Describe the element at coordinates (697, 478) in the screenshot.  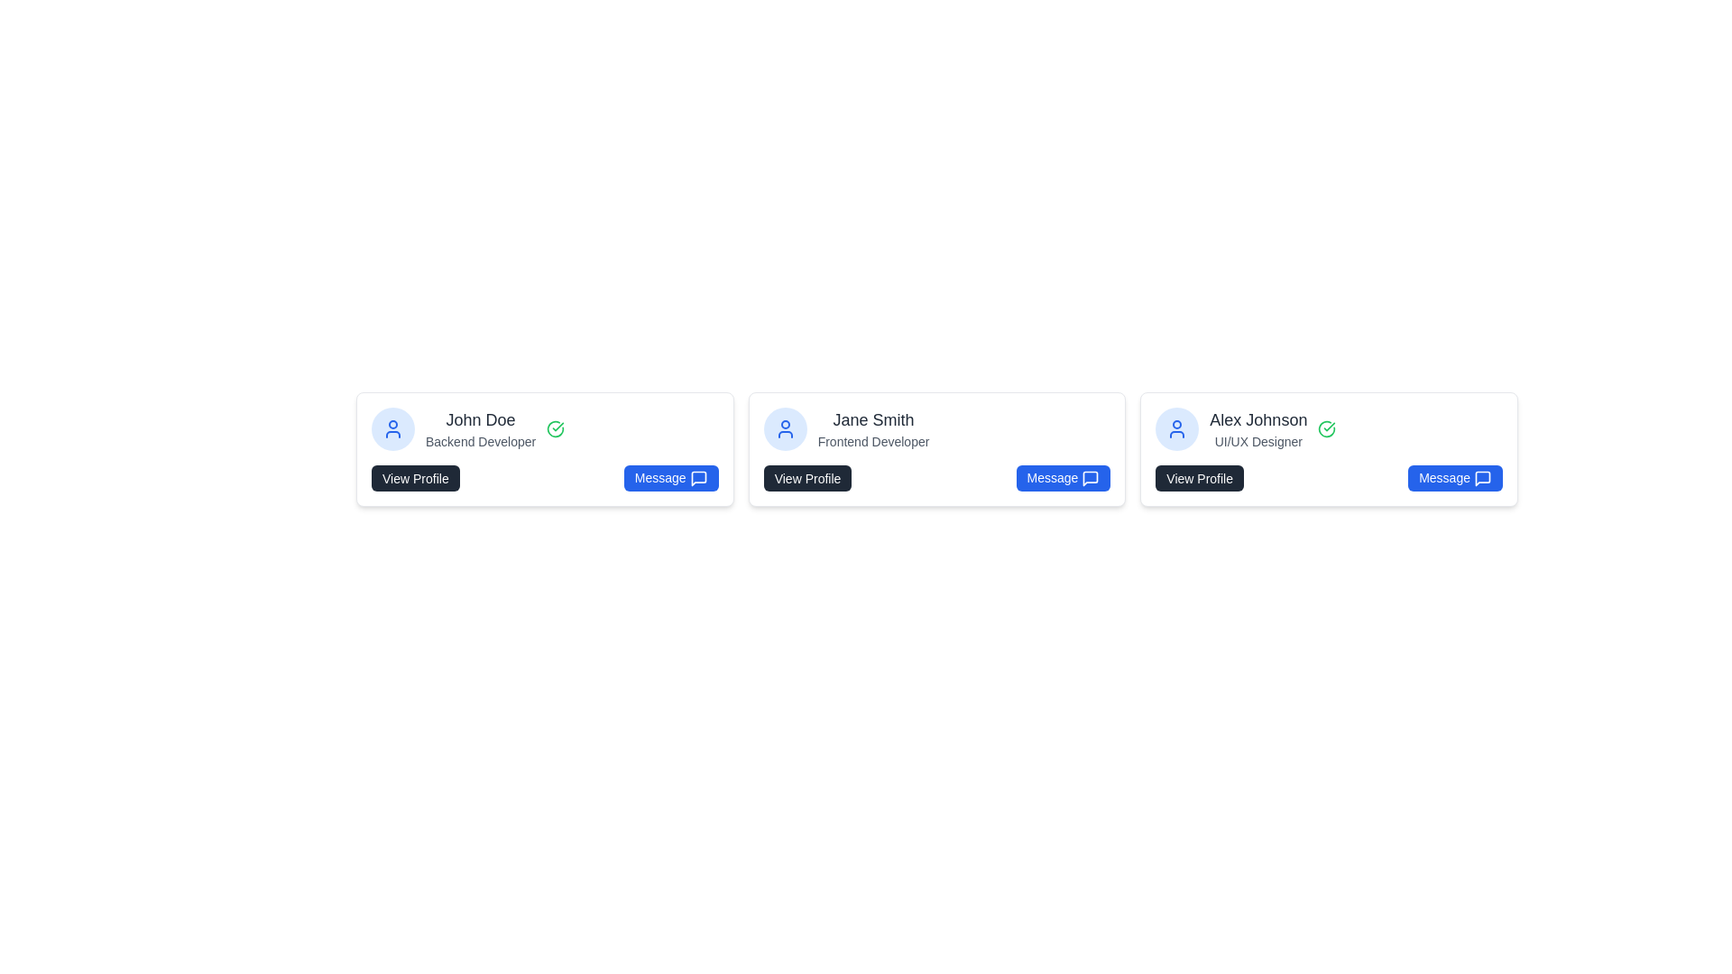
I see `the chat-like message icon located within the 'Message' button at the bottom-right corner of John Doe's profile card` at that location.